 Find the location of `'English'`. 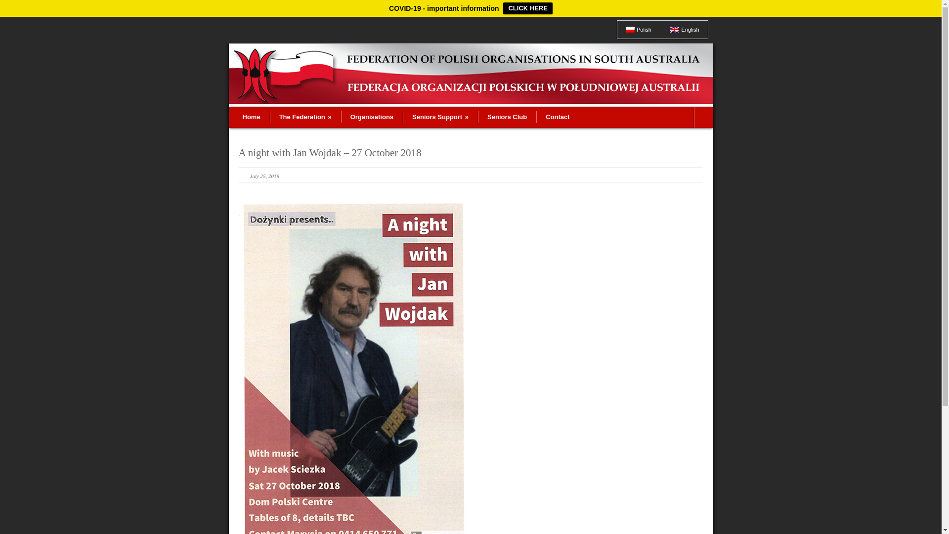

'English' is located at coordinates (684, 29).